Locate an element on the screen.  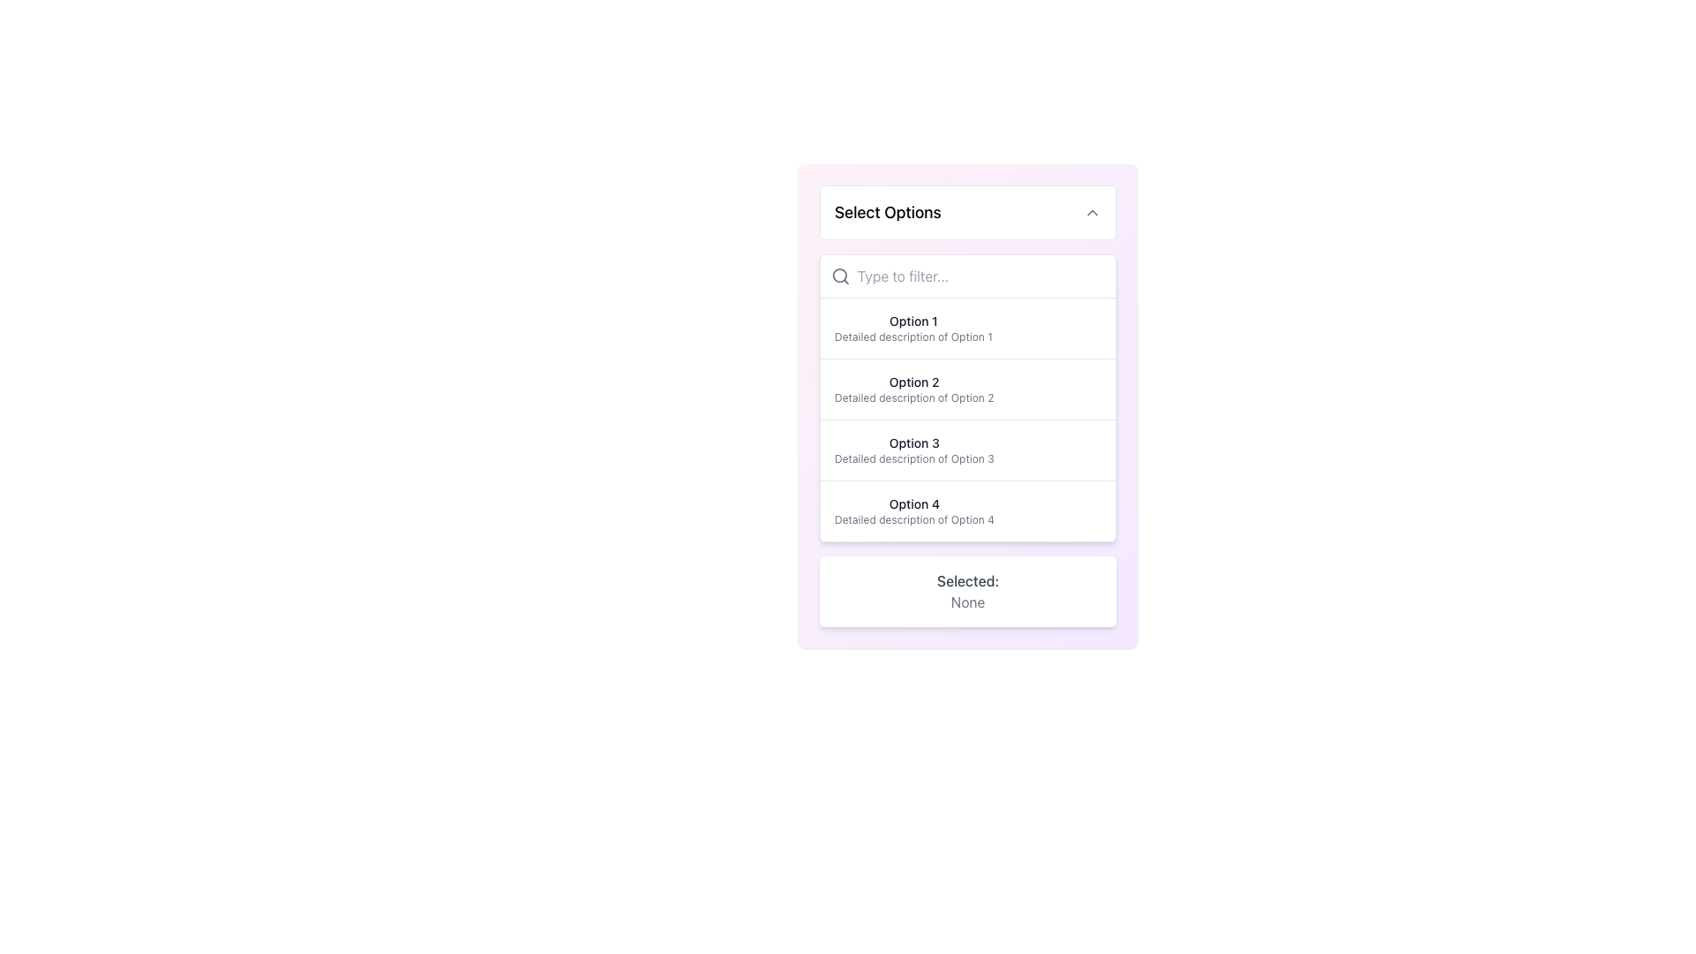
text label displaying 'Detailed description of Option 1' located directly beneath the header 'Option 1' in the dropdown selection interface is located at coordinates (913, 337).